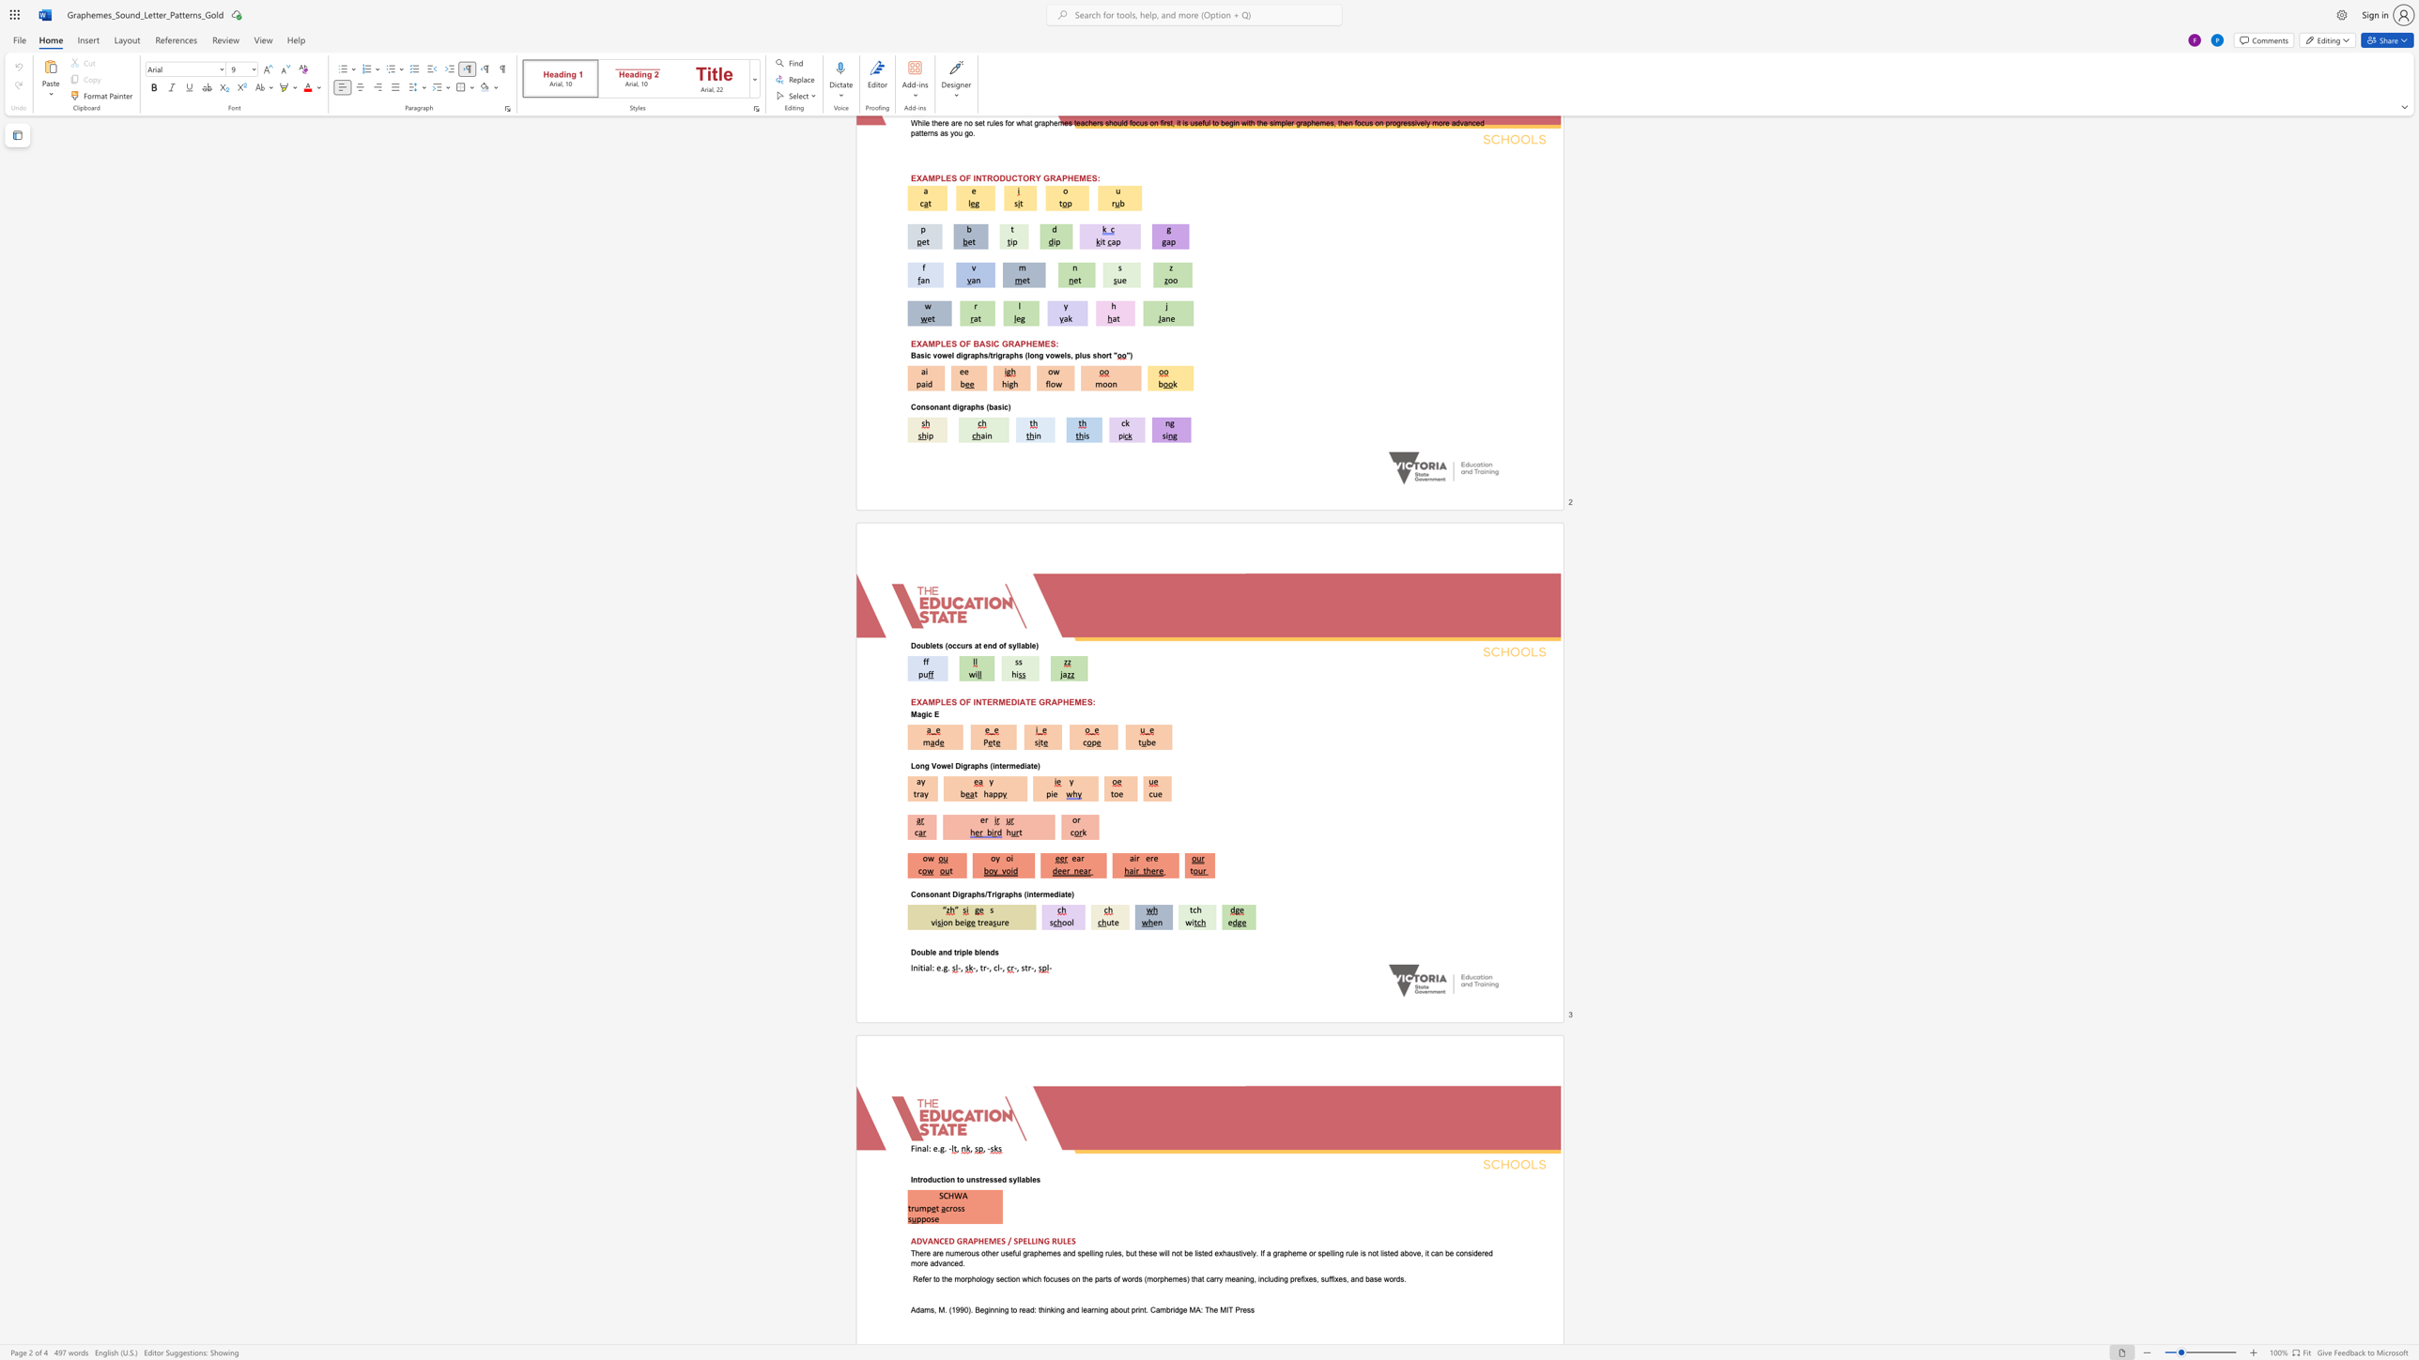  Describe the element at coordinates (995, 1240) in the screenshot. I see `the subset text "ES / SPELLING RUL" within the text "ADVANCED GRAPHEMES / SPELLING RULES"` at that location.